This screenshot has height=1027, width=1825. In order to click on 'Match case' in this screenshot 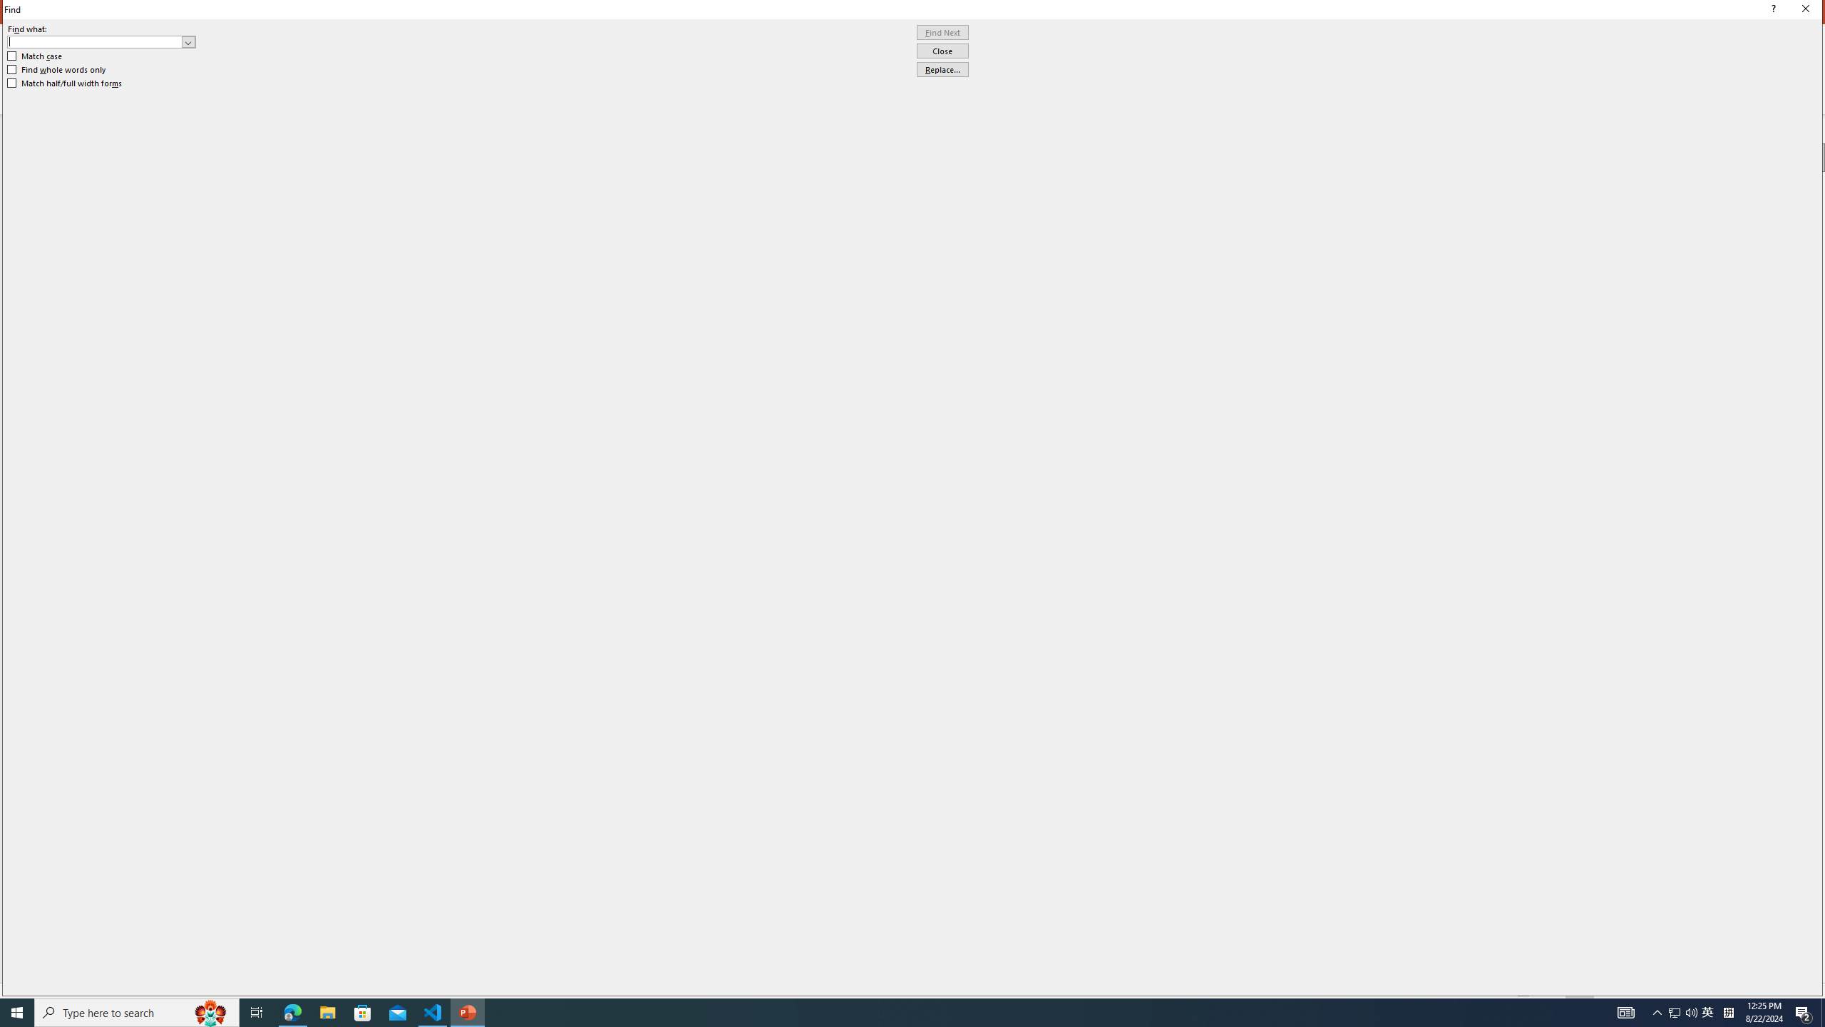, I will do `click(34, 55)`.